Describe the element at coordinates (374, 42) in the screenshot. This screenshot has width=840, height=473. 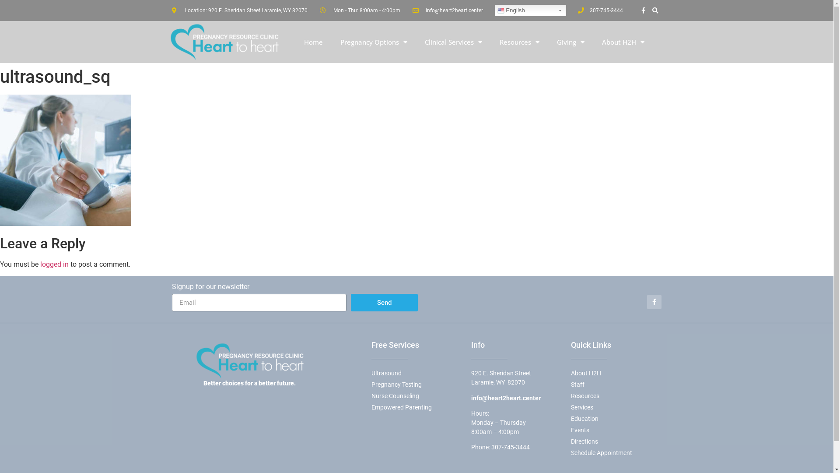
I see `'Pregnancy Options'` at that location.